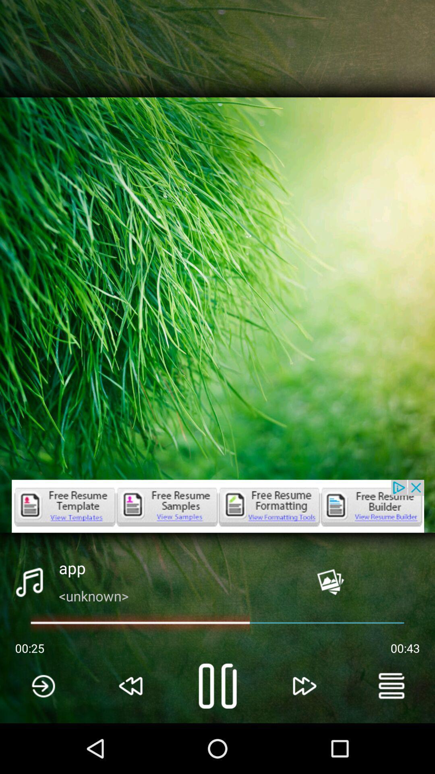 The height and width of the screenshot is (774, 435). What do you see at coordinates (304, 685) in the screenshot?
I see `the av_forward icon` at bounding box center [304, 685].